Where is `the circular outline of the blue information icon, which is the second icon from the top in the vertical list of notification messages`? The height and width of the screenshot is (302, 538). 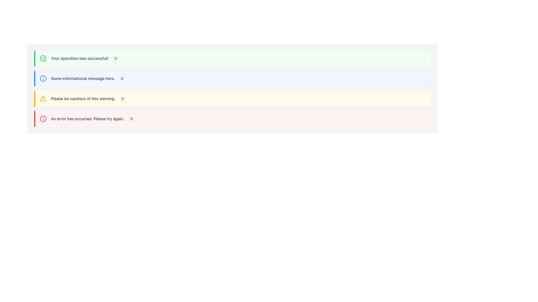 the circular outline of the blue information icon, which is the second icon from the top in the vertical list of notification messages is located at coordinates (43, 79).